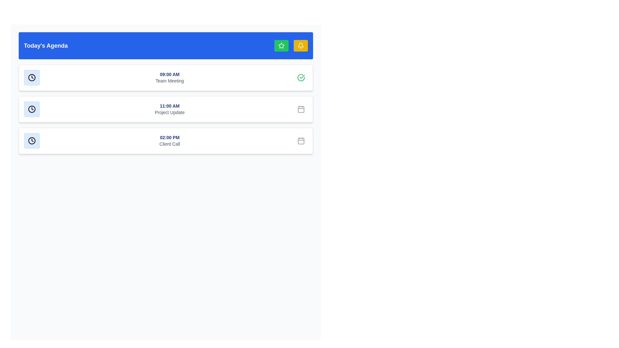 Image resolution: width=619 pixels, height=348 pixels. I want to click on the notification toggle button located in the top-right section of the interface inside a blue header area, so click(300, 45).